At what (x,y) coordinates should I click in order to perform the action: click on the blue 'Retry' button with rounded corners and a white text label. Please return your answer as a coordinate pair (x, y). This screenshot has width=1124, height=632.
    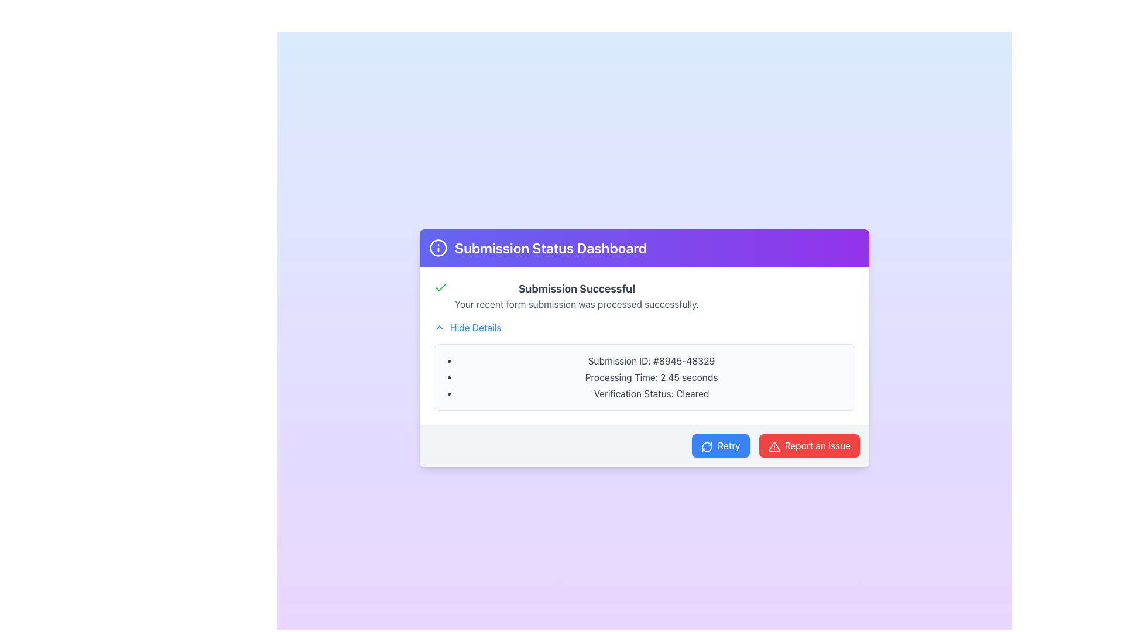
    Looking at the image, I should click on (719, 446).